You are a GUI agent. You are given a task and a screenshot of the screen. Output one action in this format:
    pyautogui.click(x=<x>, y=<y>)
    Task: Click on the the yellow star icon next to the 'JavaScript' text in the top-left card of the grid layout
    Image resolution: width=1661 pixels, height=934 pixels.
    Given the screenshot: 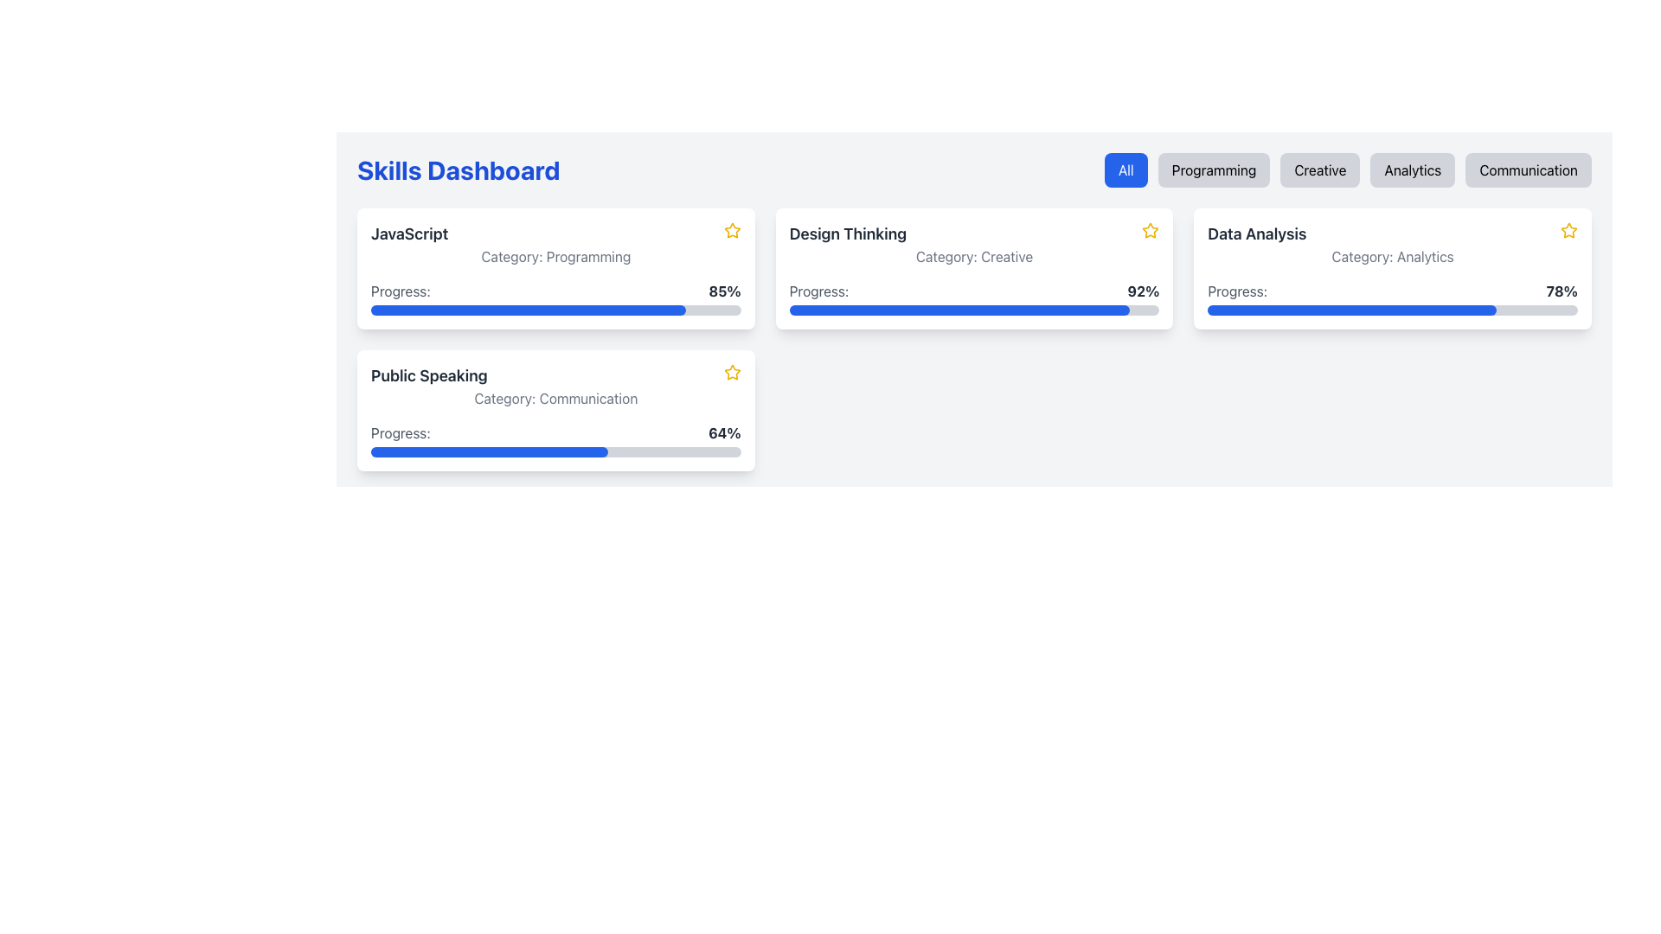 What is the action you would take?
    pyautogui.click(x=732, y=229)
    